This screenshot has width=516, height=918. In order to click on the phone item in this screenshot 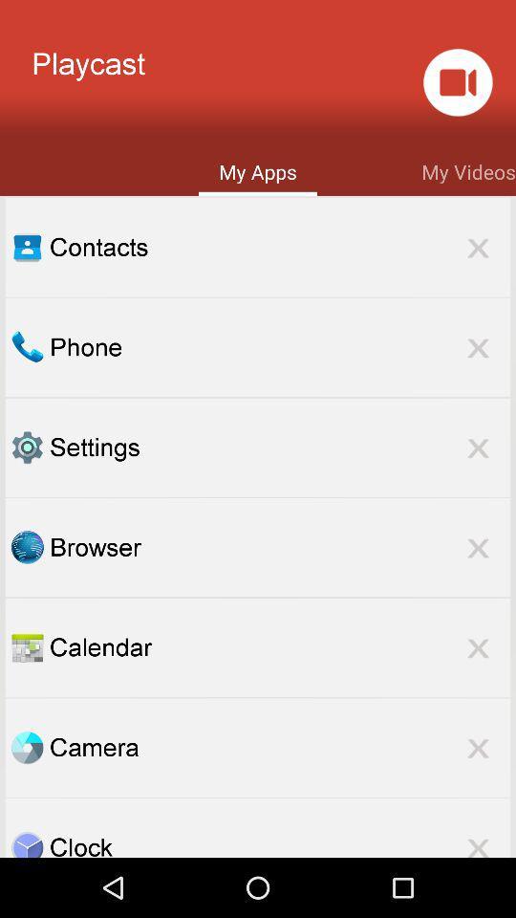, I will do `click(279, 346)`.